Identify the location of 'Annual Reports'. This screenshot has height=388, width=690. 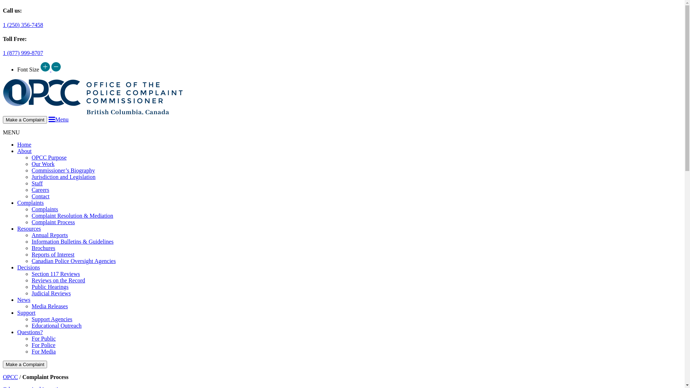
(31, 235).